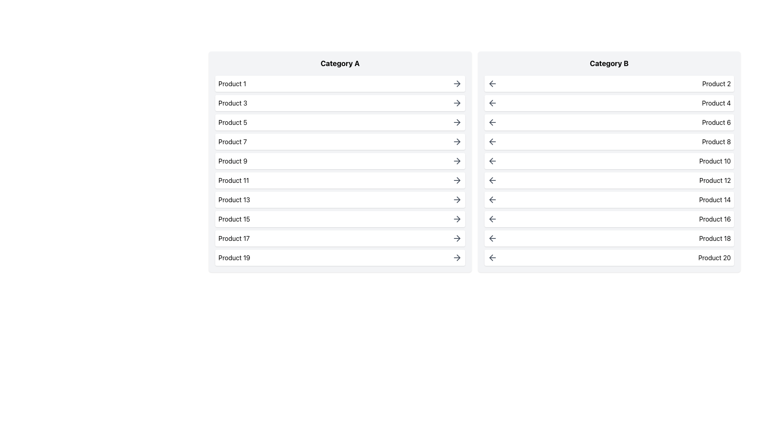 Image resolution: width=774 pixels, height=435 pixels. Describe the element at coordinates (458, 258) in the screenshot. I see `the right-pointing arrow icon located at the farthest right of the row corresponding to 'Product 19' in the 'Category A' column` at that location.